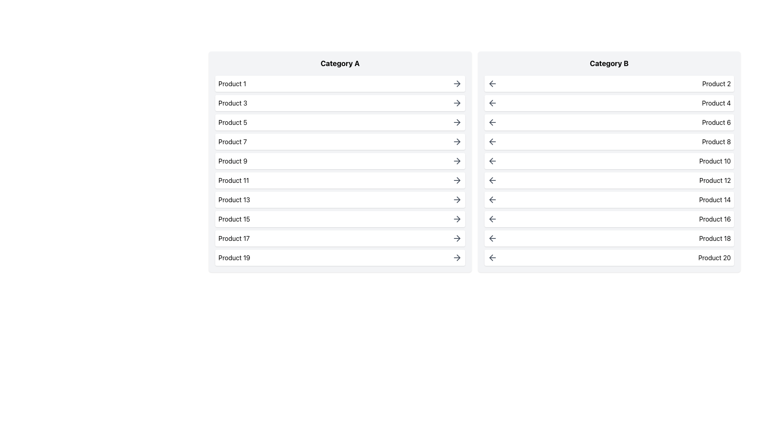 Image resolution: width=774 pixels, height=435 pixels. Describe the element at coordinates (458, 258) in the screenshot. I see `the right-pointing arrow icon located at the farthest right of the row corresponding to 'Product 19' in the 'Category A' column` at that location.